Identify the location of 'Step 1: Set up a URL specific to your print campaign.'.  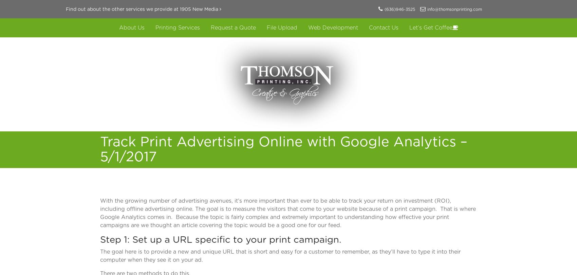
(221, 239).